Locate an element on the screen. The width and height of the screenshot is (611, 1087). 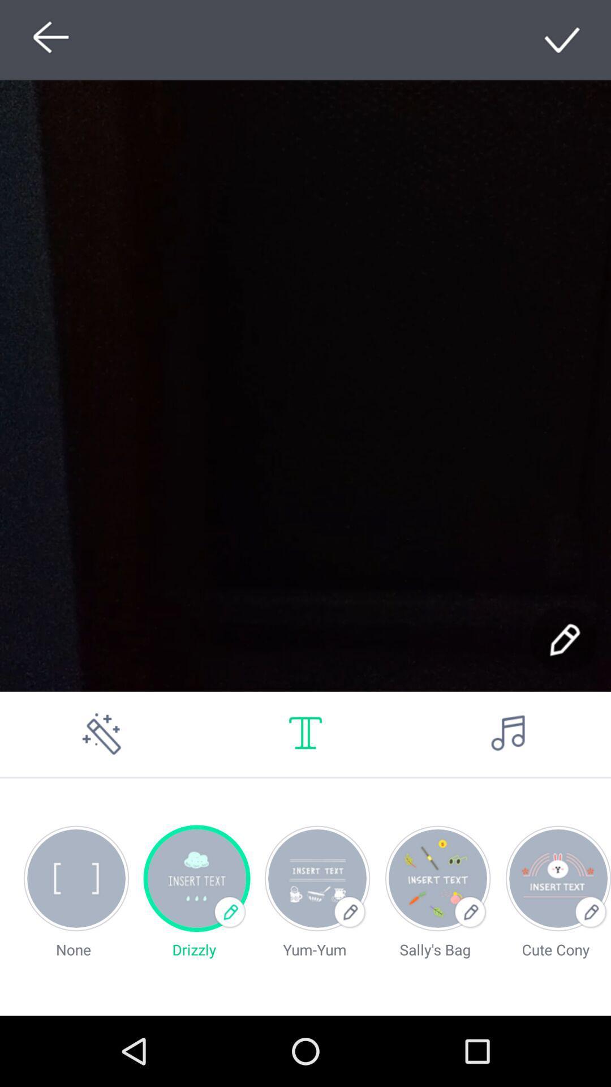
valid is located at coordinates (563, 40).